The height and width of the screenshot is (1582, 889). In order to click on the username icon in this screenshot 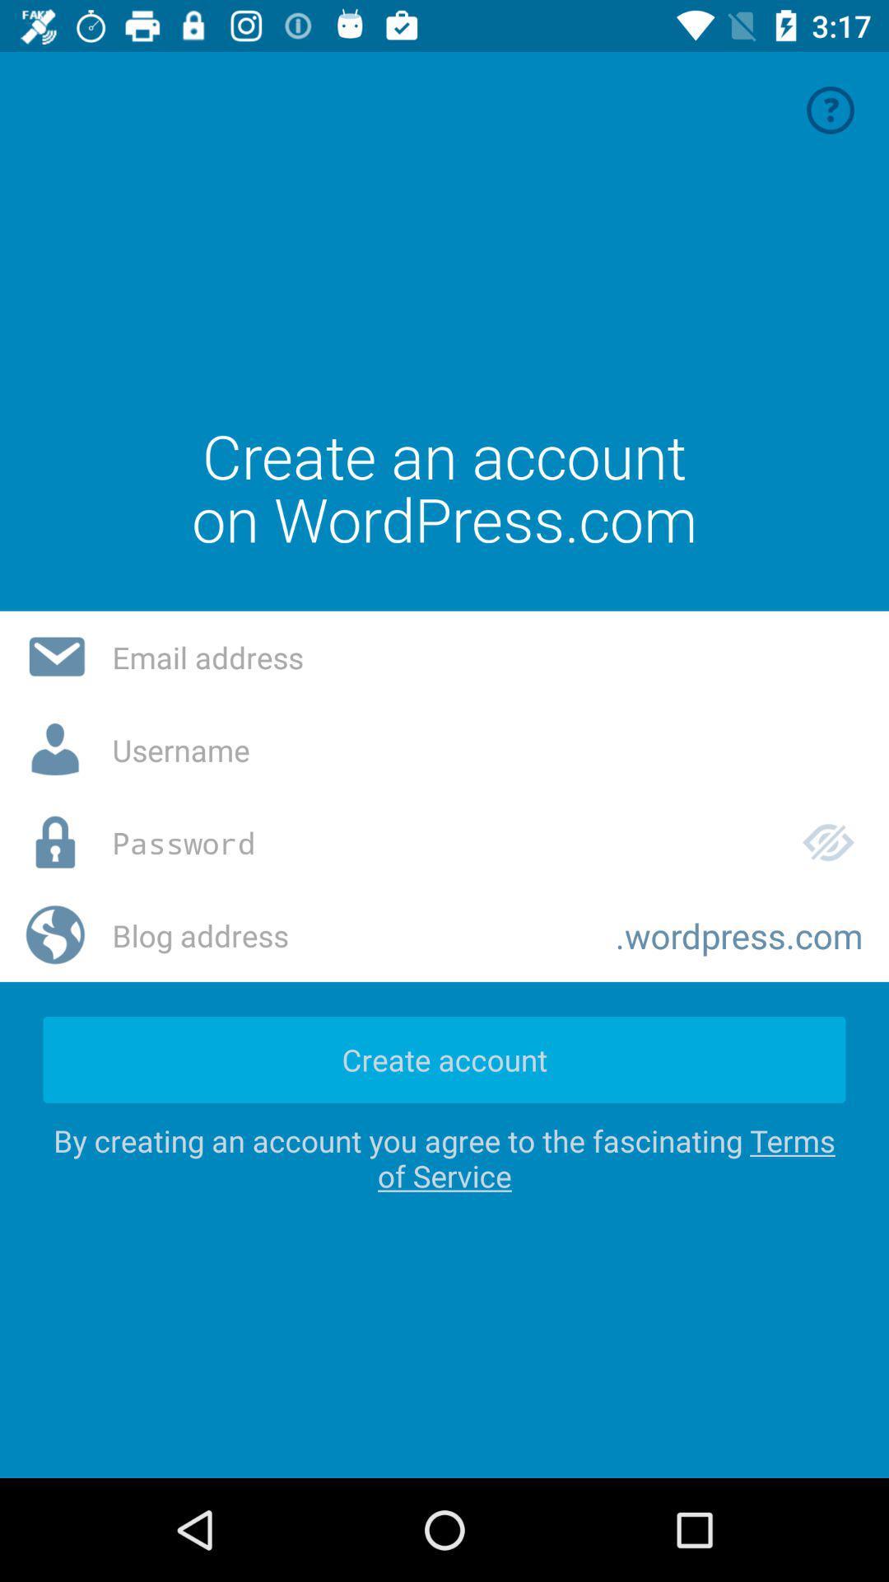, I will do `click(55, 750)`.